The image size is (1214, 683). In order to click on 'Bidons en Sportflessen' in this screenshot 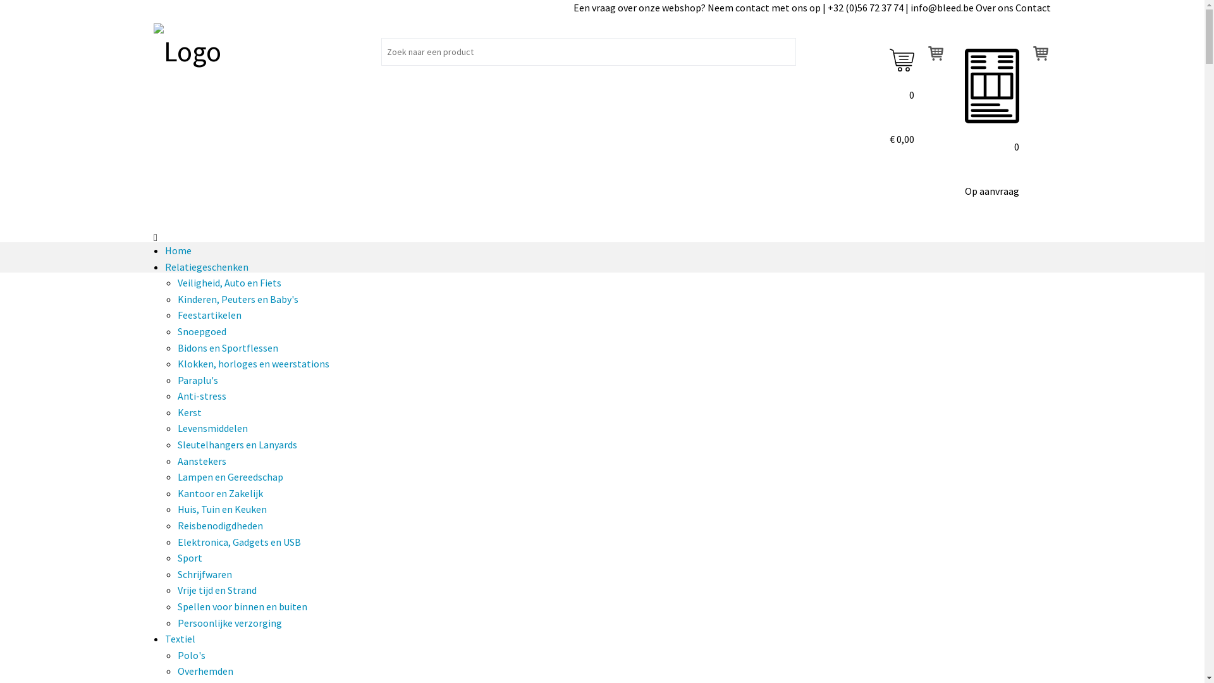, I will do `click(228, 348)`.